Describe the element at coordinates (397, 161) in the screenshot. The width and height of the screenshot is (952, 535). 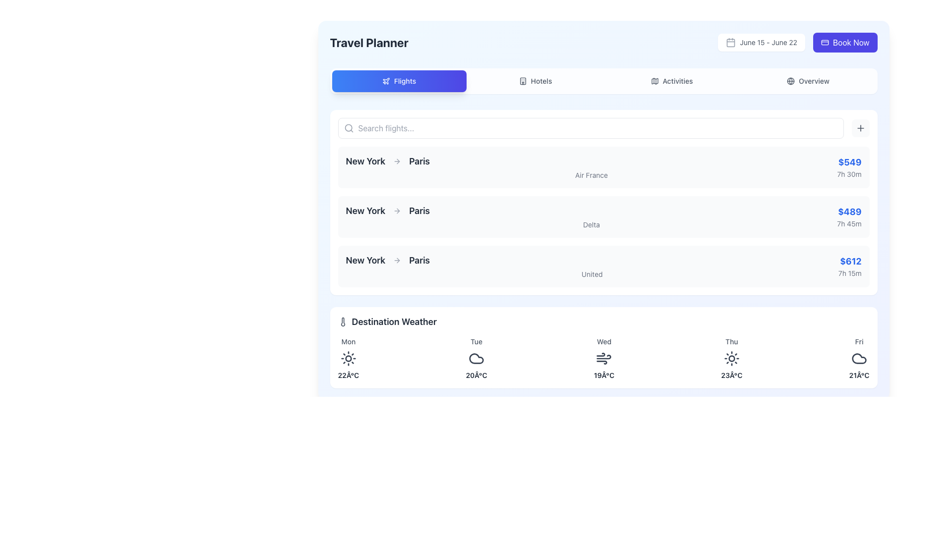
I see `the arrow symbol that indicates the directional transition from 'New York' to 'Paris', positioned centrally between the two text elements in a horizontal layout` at that location.